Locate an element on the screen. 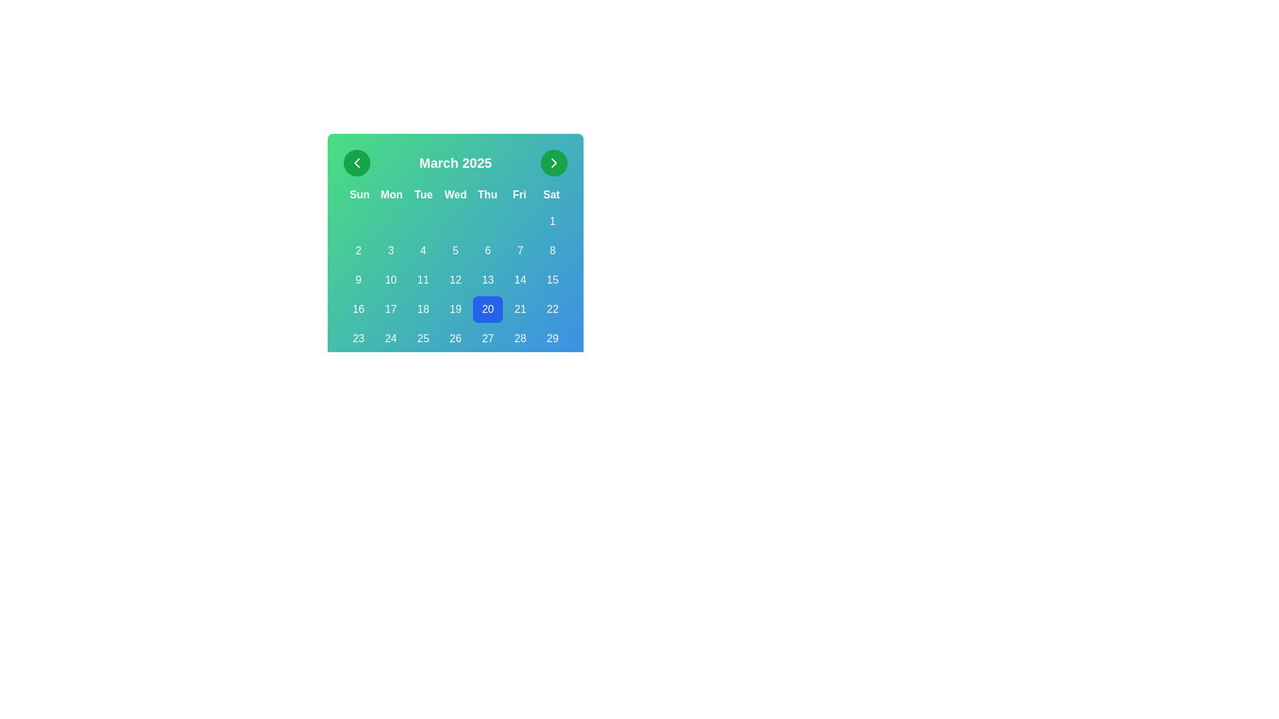 This screenshot has height=719, width=1279. the calendar day cell representing '2' is located at coordinates (358, 251).